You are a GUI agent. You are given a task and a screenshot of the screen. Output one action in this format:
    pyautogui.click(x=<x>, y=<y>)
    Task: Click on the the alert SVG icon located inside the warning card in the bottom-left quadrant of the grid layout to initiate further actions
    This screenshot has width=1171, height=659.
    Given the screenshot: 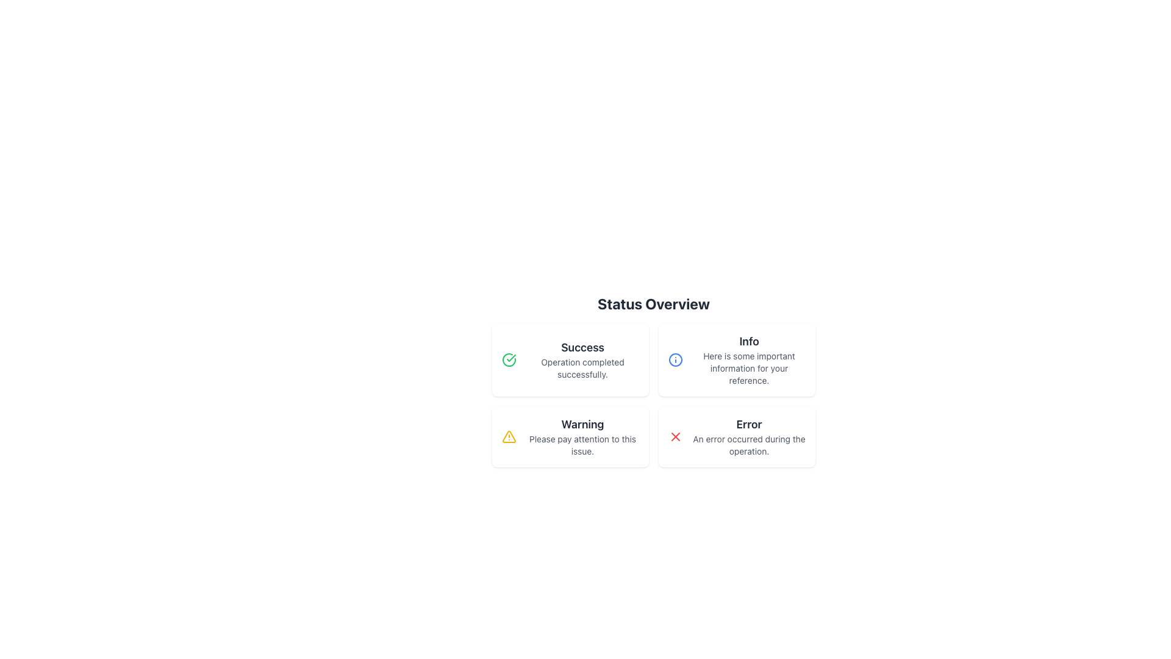 What is the action you would take?
    pyautogui.click(x=509, y=436)
    